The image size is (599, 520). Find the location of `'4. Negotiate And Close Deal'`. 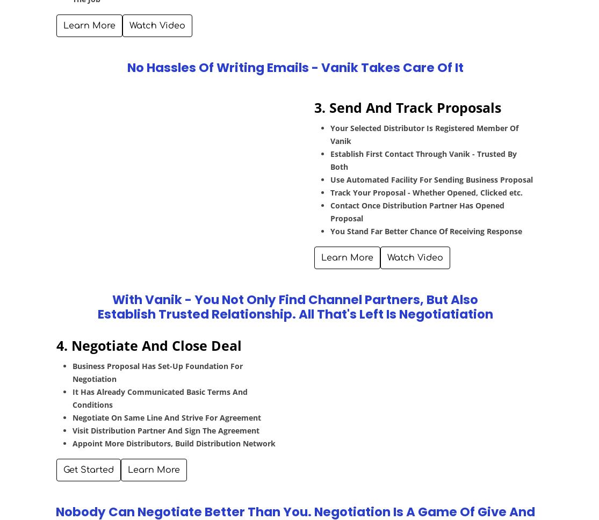

'4. Negotiate And Close Deal' is located at coordinates (149, 344).